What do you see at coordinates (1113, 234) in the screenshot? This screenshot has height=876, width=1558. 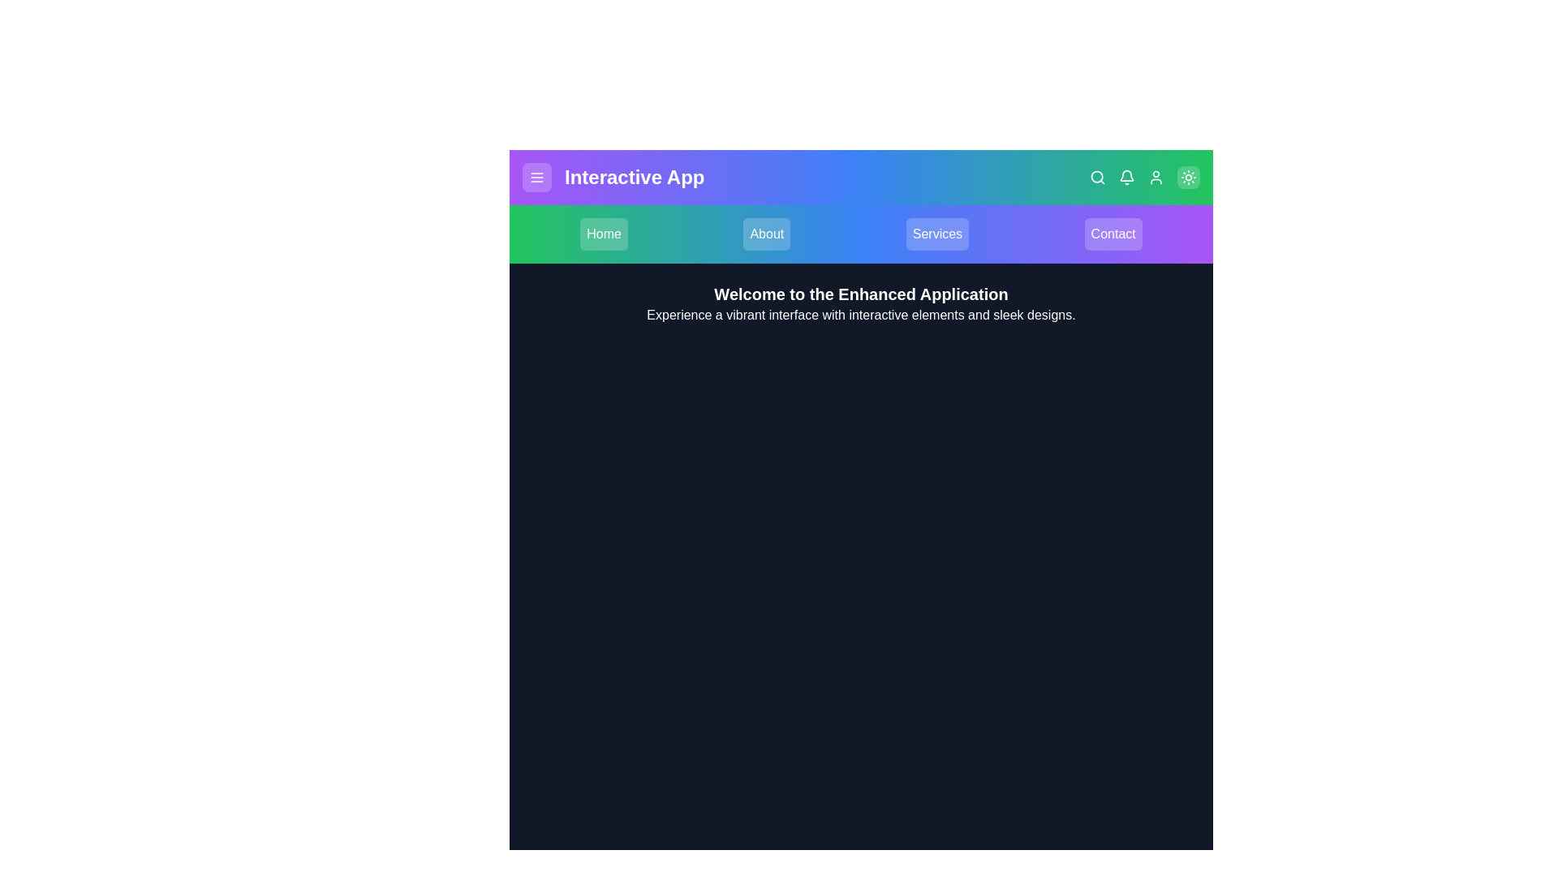 I see `the navigation item Contact to navigate to the corresponding section` at bounding box center [1113, 234].